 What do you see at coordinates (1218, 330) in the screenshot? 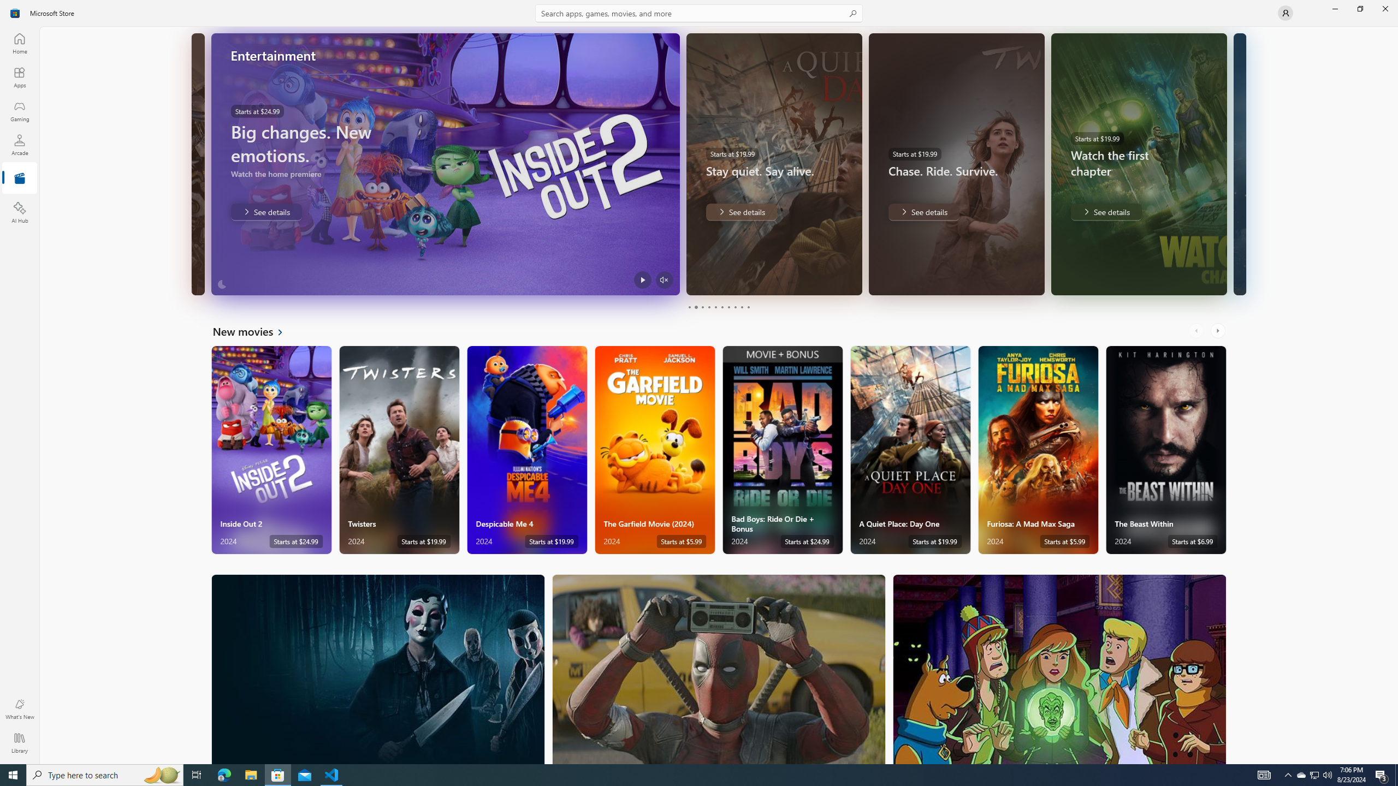
I see `'AutomationID: RightScrollButton'` at bounding box center [1218, 330].